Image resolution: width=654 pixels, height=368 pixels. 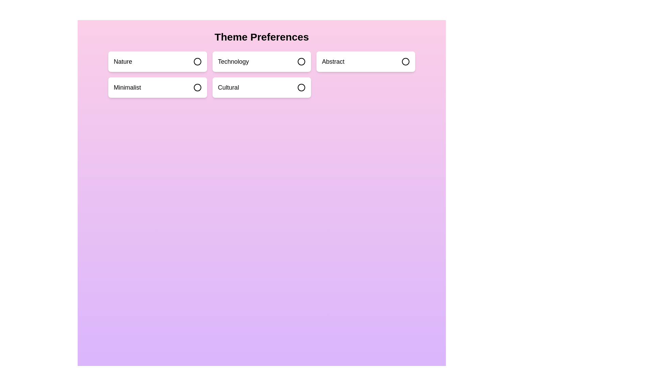 What do you see at coordinates (157, 87) in the screenshot?
I see `the theme box labeled Minimalist` at bounding box center [157, 87].